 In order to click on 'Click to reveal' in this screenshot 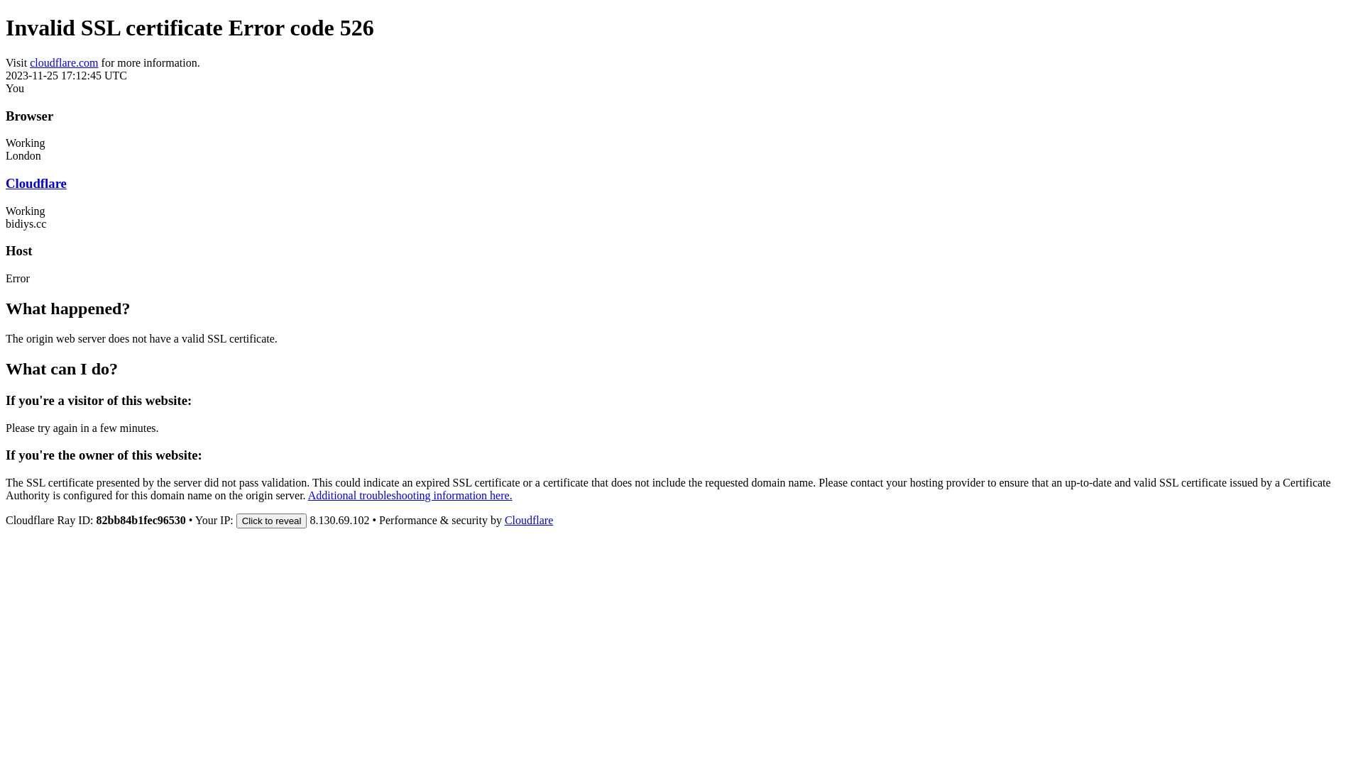, I will do `click(272, 521)`.